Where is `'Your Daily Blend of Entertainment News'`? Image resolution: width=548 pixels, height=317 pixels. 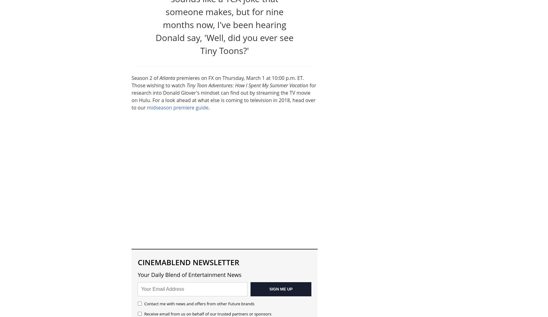
'Your Daily Blend of Entertainment News' is located at coordinates (189, 274).